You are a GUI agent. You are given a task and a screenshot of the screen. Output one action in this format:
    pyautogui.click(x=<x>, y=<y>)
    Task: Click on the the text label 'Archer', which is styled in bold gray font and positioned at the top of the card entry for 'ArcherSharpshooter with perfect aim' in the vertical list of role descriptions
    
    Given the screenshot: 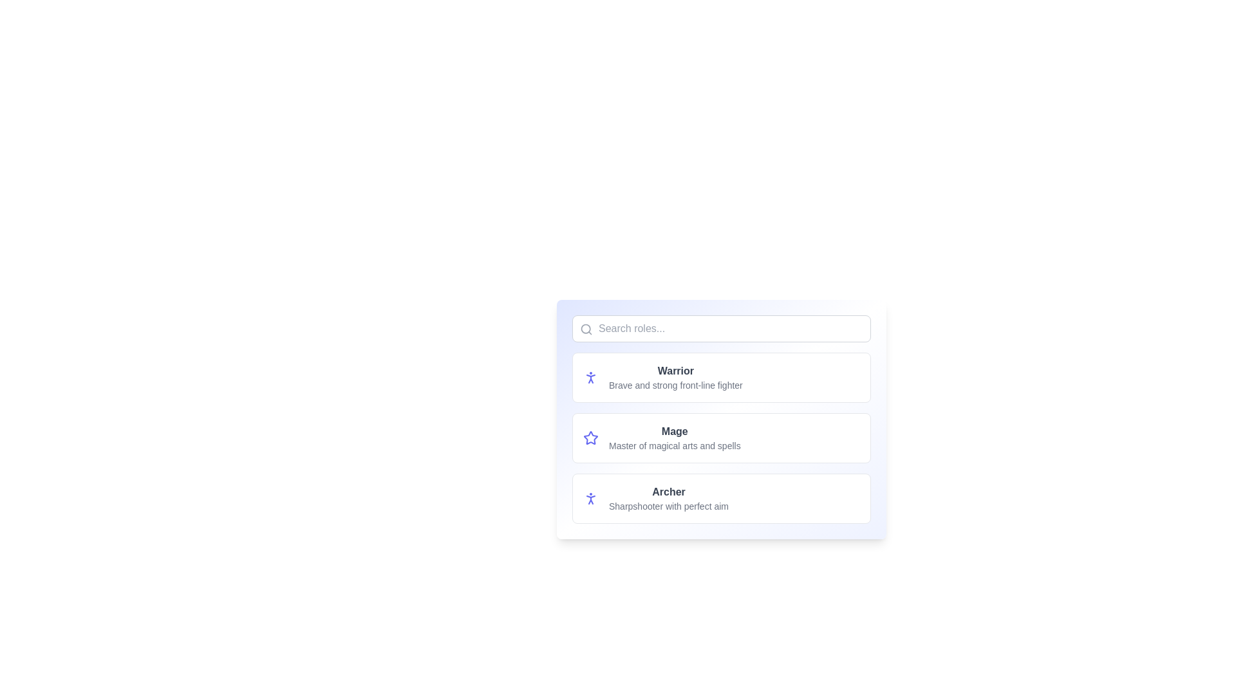 What is the action you would take?
    pyautogui.click(x=668, y=492)
    